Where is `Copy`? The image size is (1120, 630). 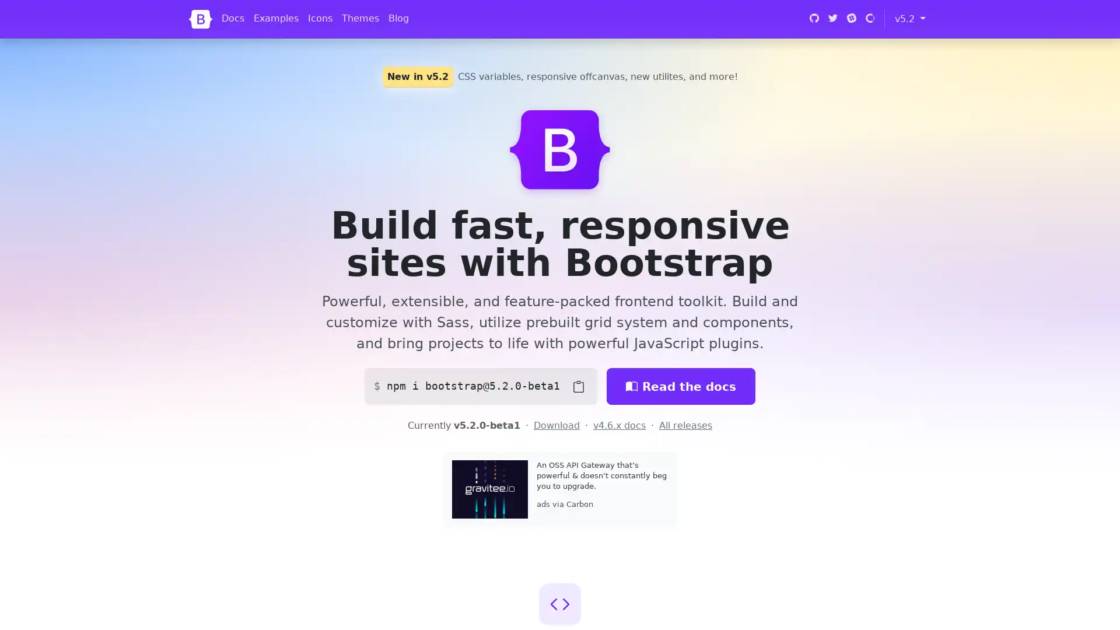 Copy is located at coordinates (579, 386).